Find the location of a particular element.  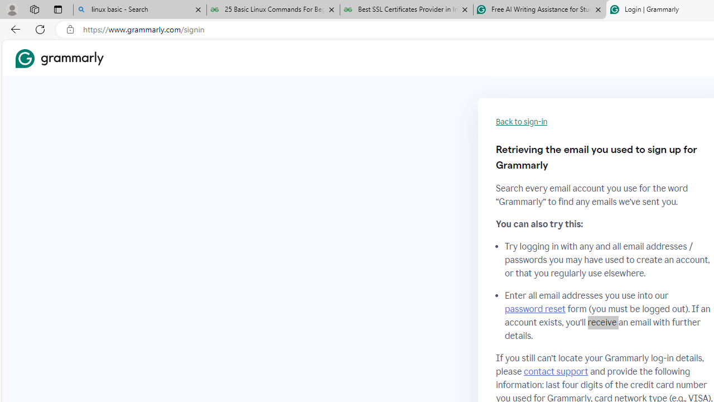

'linux basic - Search' is located at coordinates (139, 9).